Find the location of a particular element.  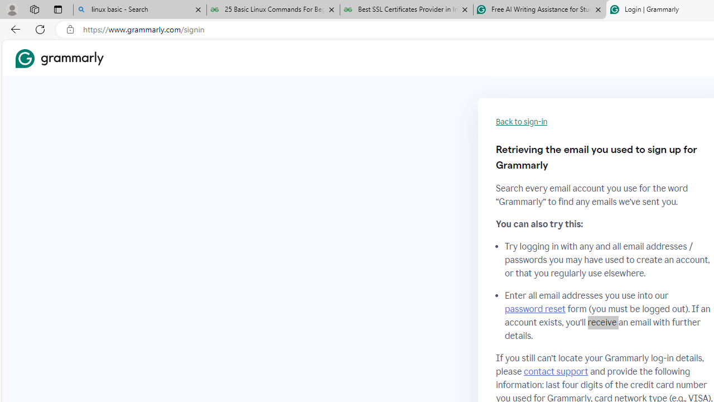

'linux basic - Search' is located at coordinates (139, 9).